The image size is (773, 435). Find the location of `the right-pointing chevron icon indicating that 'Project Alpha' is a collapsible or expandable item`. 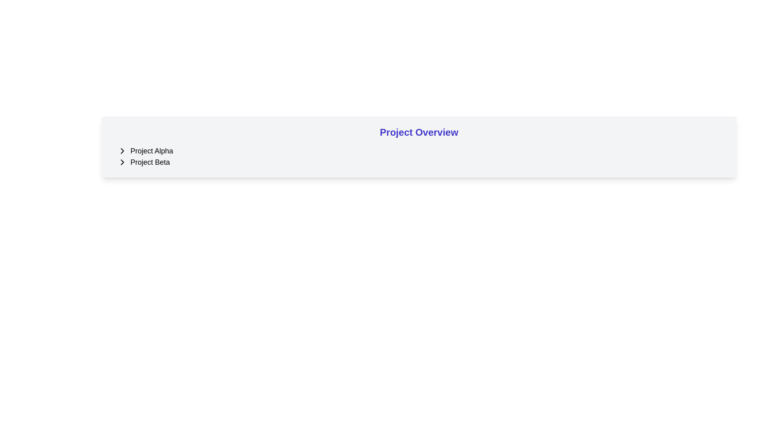

the right-pointing chevron icon indicating that 'Project Alpha' is a collapsible or expandable item is located at coordinates (122, 151).